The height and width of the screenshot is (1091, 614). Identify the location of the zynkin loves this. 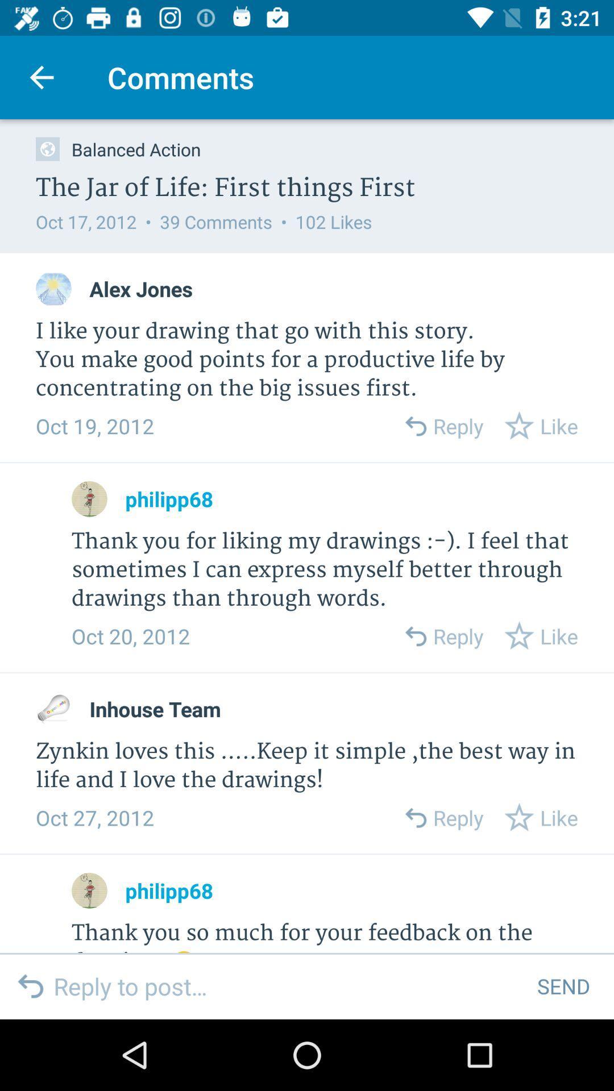
(307, 766).